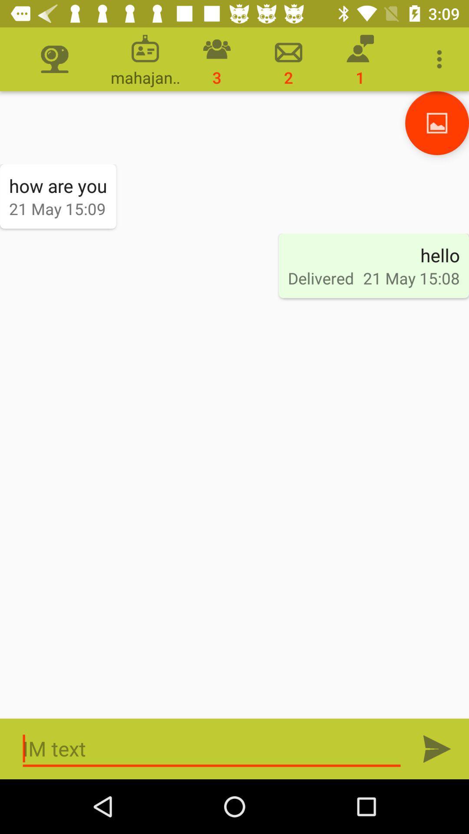 This screenshot has height=834, width=469. What do you see at coordinates (216, 59) in the screenshot?
I see `the group icon which has the text 3` at bounding box center [216, 59].